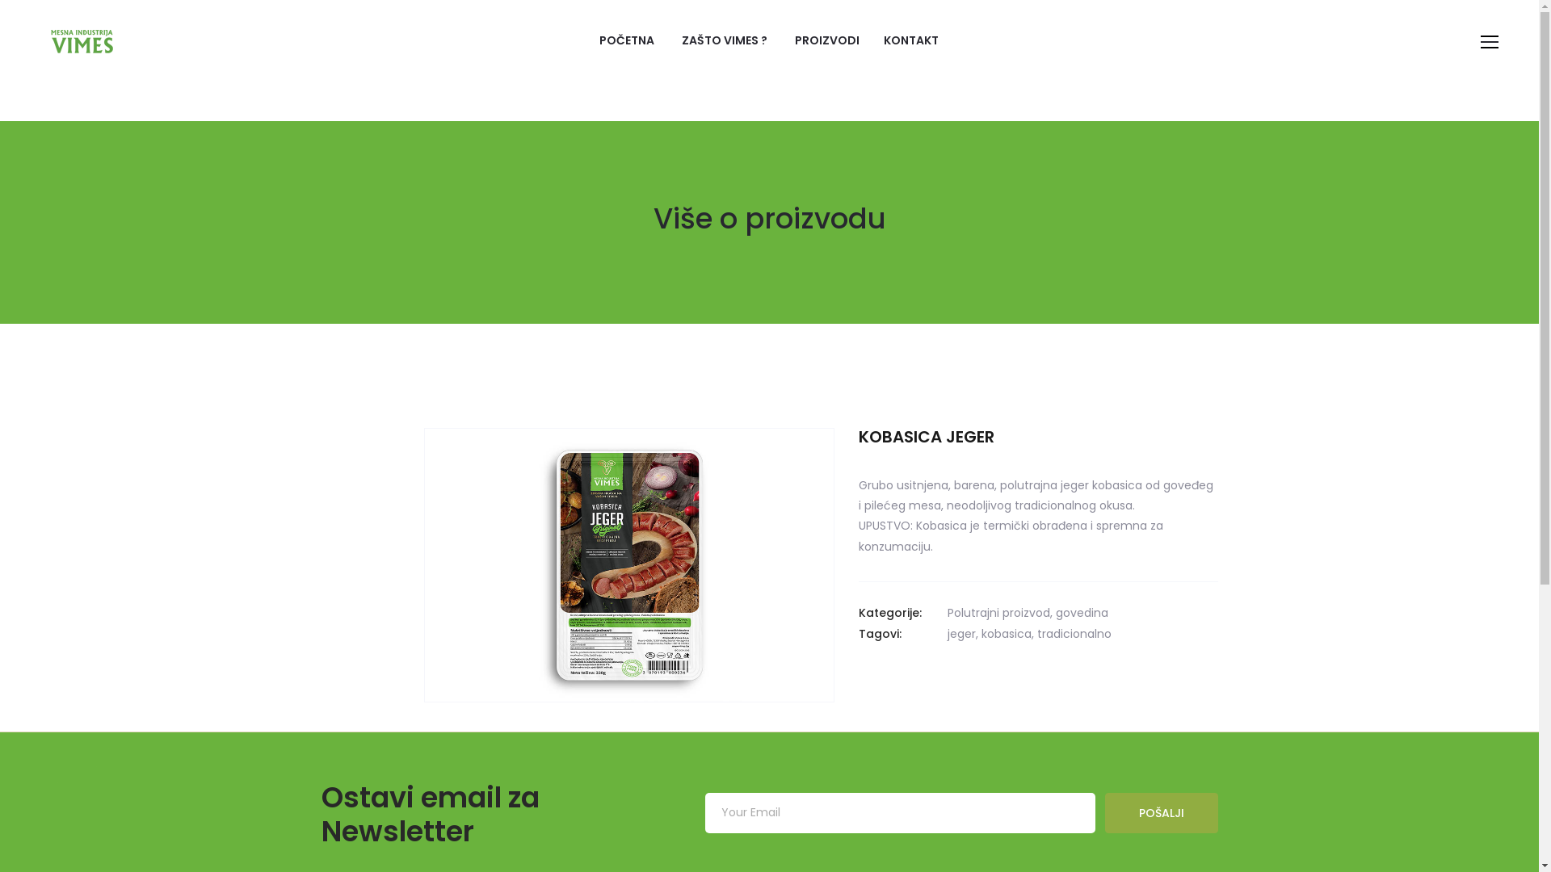  I want to click on 'jeger', so click(960, 633).